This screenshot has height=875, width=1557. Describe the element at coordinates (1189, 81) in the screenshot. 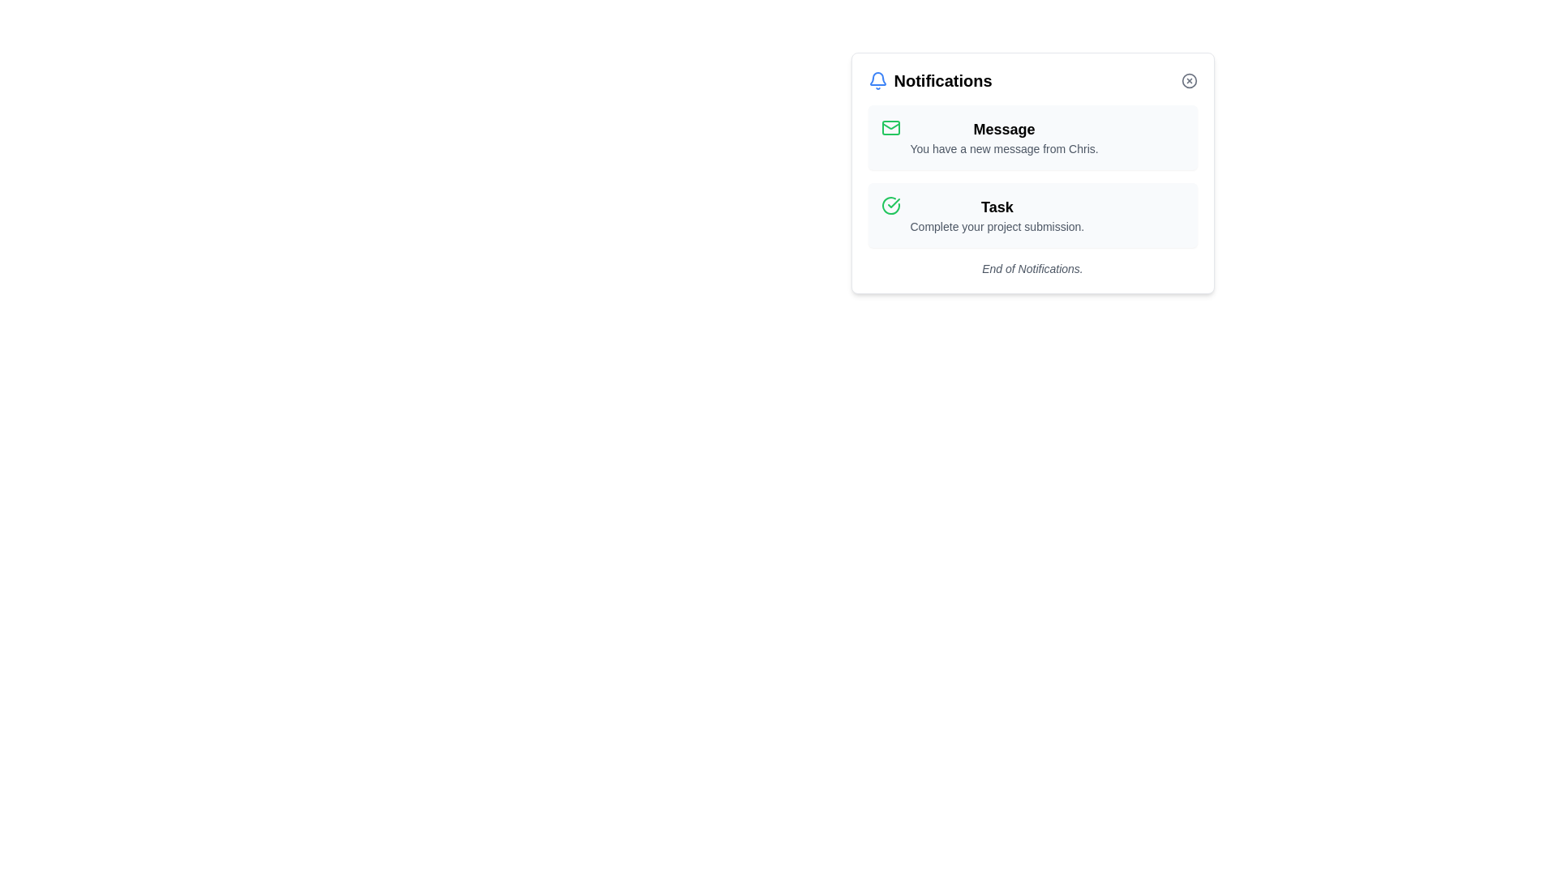

I see `the closing button located at the top-right corner of the Notifications panel` at that location.